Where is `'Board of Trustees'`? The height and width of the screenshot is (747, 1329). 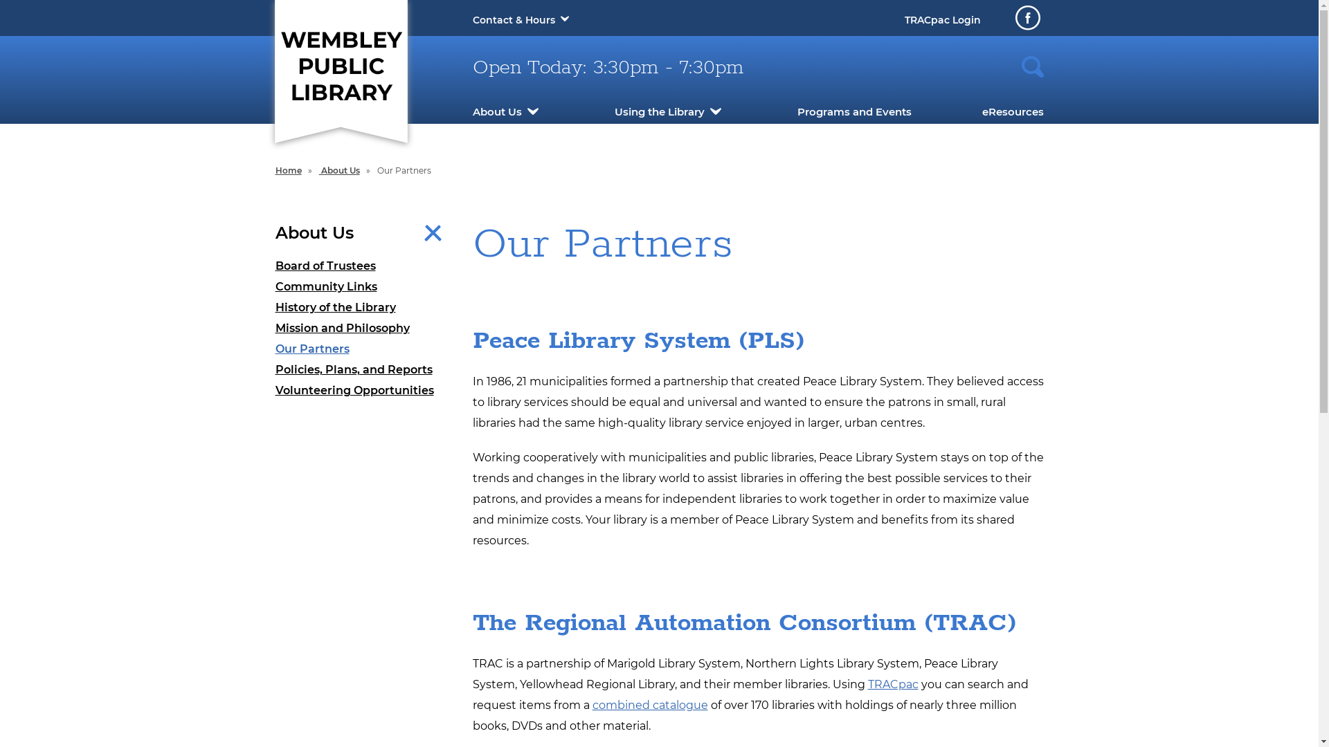
'Board of Trustees' is located at coordinates (363, 266).